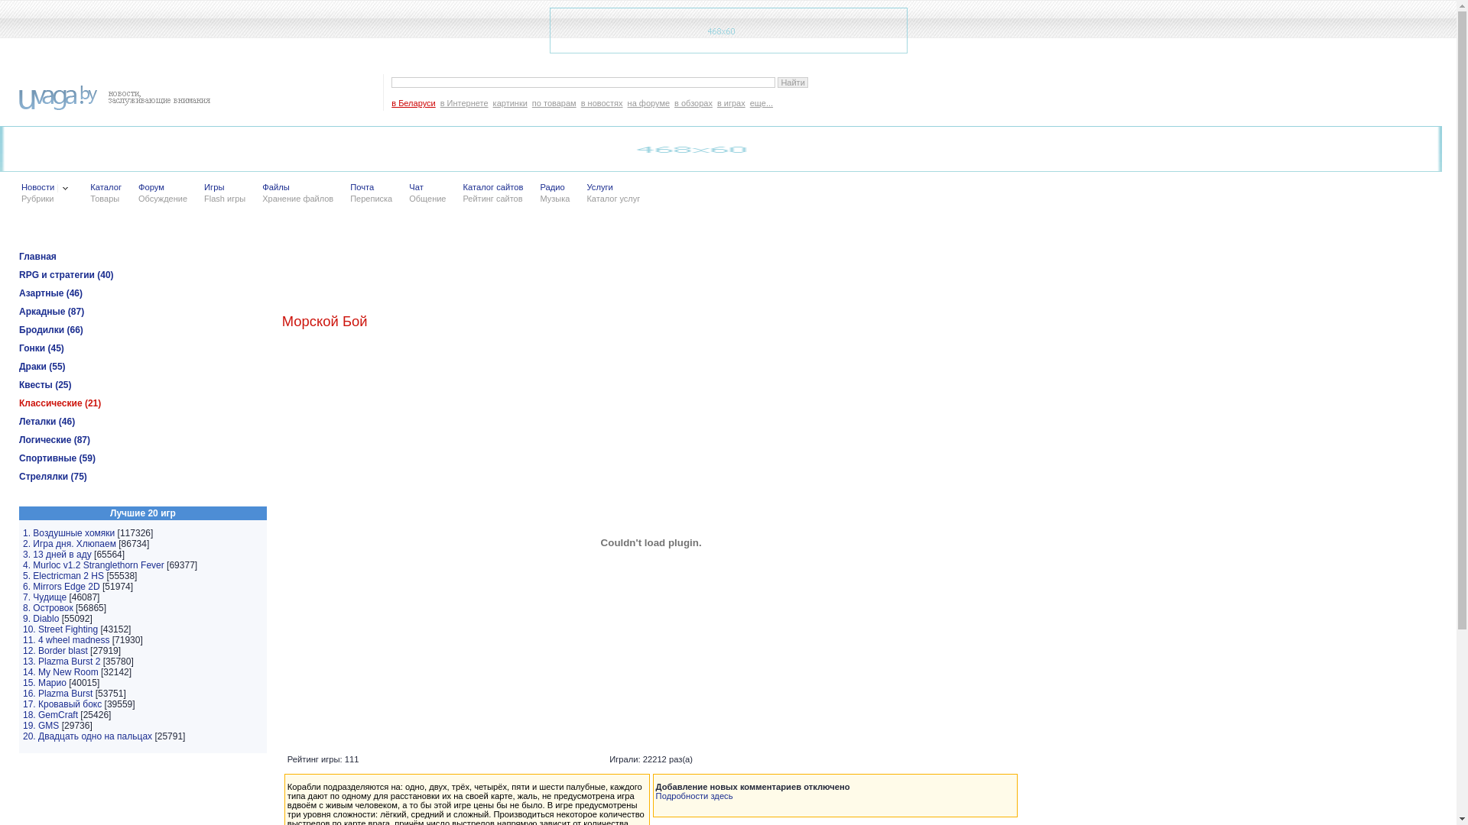 Image resolution: width=1468 pixels, height=825 pixels. What do you see at coordinates (57, 693) in the screenshot?
I see `'16. Plazma Burst'` at bounding box center [57, 693].